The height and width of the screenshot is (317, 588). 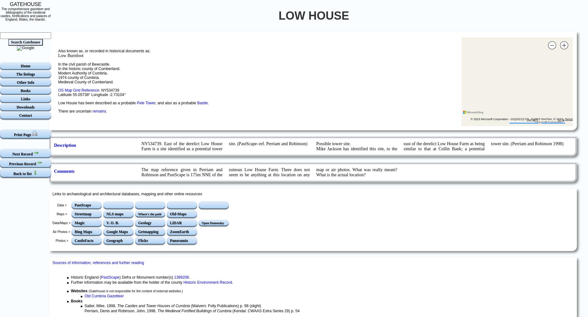 I want to click on '(Malvern: Folly Publications) p. 98 (slight)', so click(x=225, y=306).